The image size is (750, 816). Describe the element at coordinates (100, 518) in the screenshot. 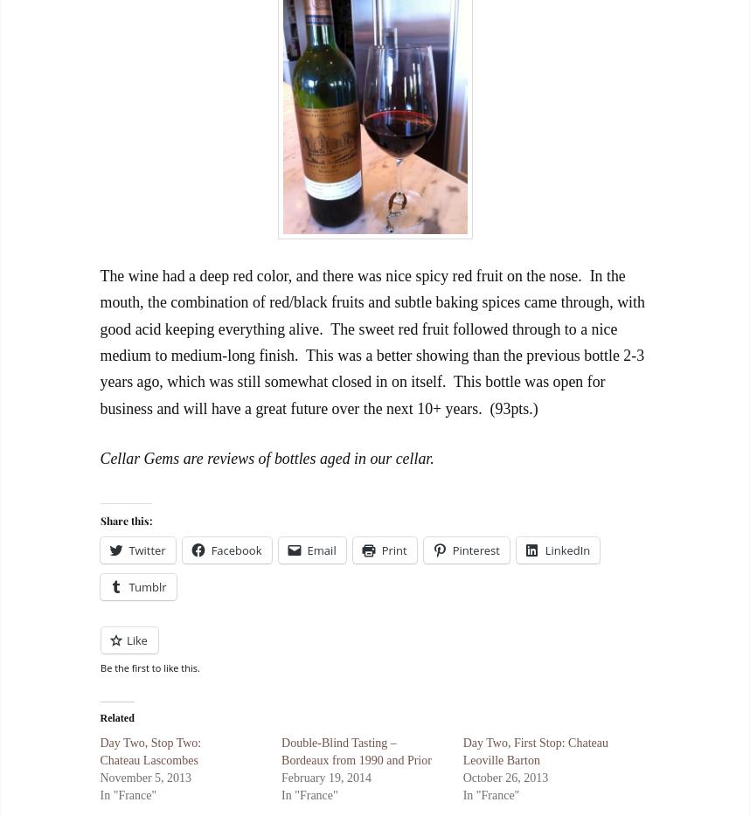

I see `'Share this:'` at that location.